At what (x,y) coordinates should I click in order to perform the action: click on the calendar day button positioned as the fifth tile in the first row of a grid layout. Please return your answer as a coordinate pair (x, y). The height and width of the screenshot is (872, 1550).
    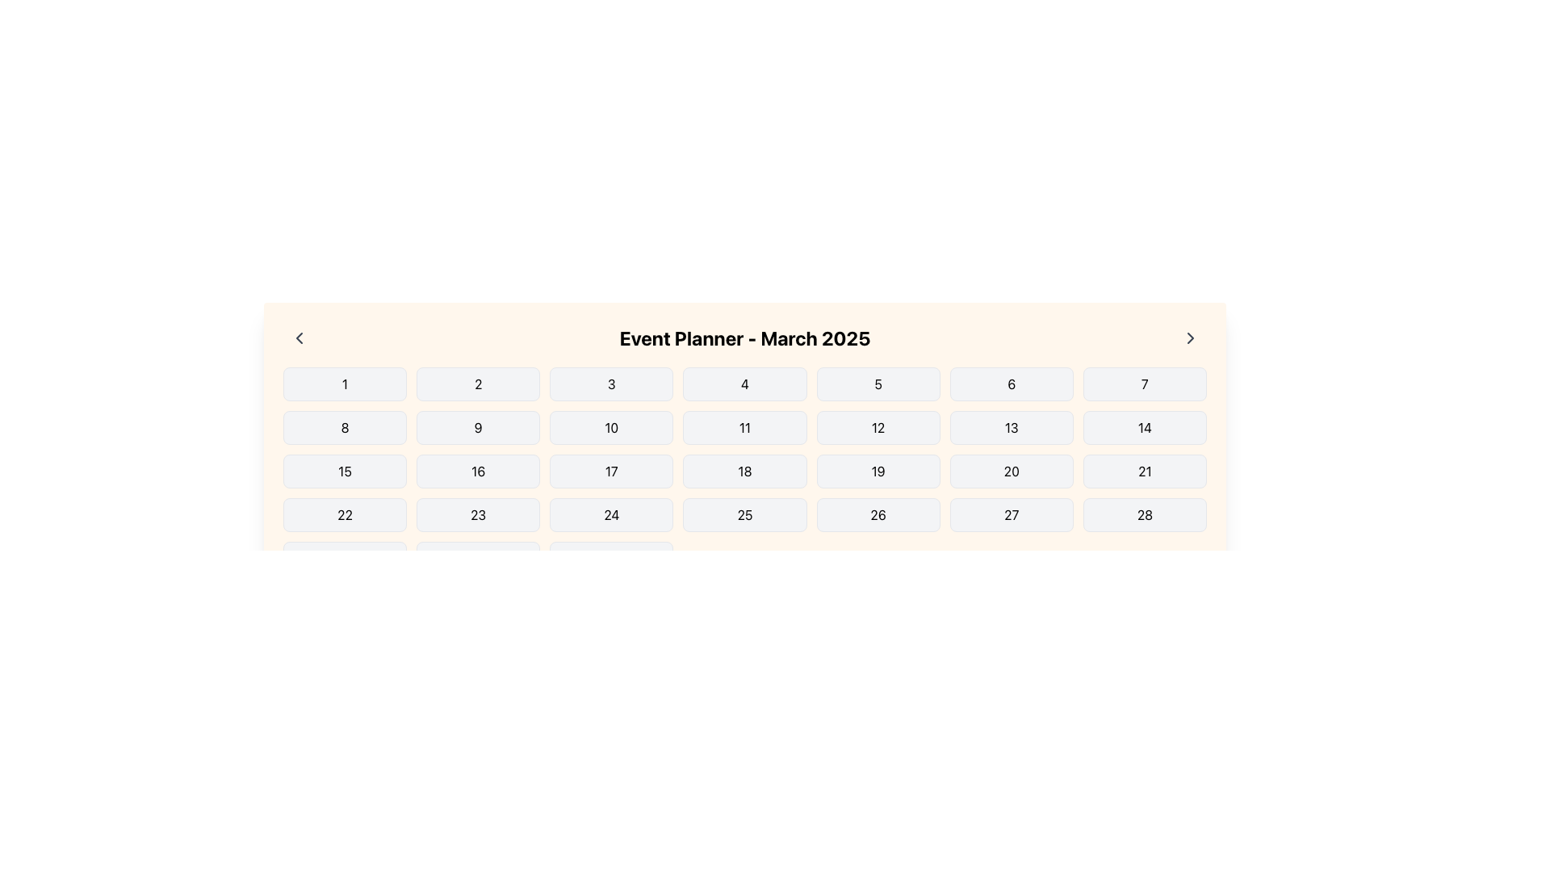
    Looking at the image, I should click on (878, 384).